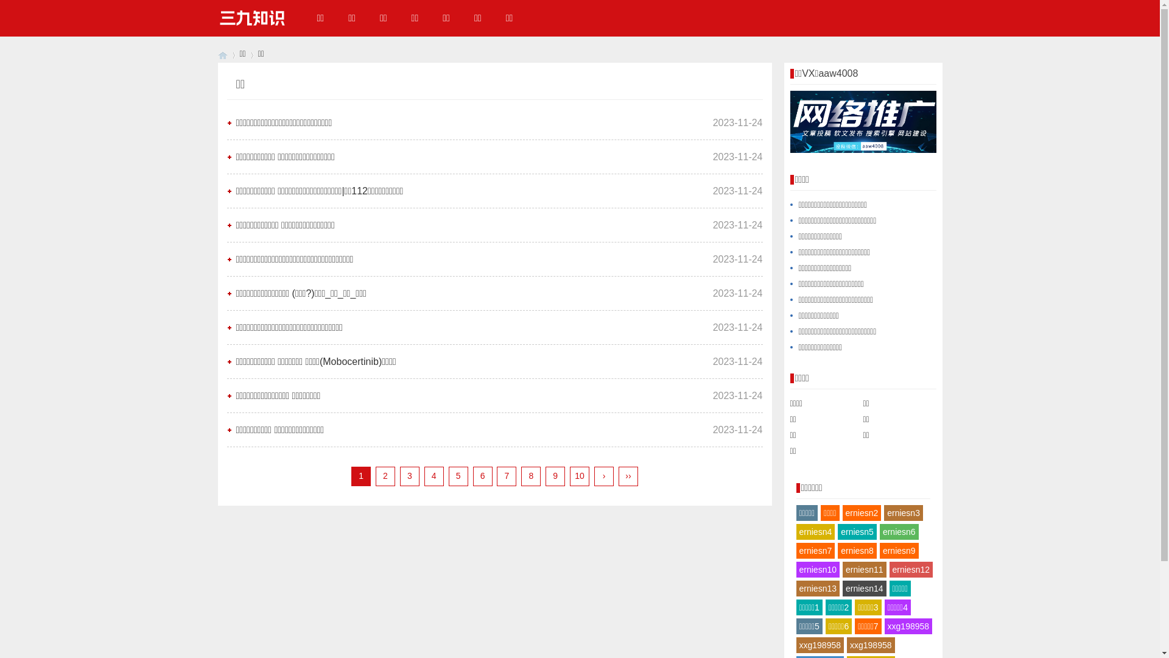  What do you see at coordinates (856, 531) in the screenshot?
I see `'erniesn5'` at bounding box center [856, 531].